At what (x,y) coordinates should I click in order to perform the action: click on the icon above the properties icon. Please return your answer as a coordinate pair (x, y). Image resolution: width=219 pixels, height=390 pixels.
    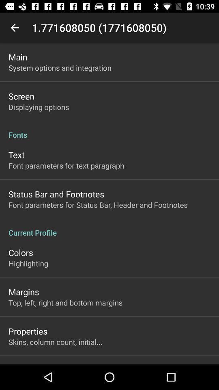
    Looking at the image, I should click on (65, 302).